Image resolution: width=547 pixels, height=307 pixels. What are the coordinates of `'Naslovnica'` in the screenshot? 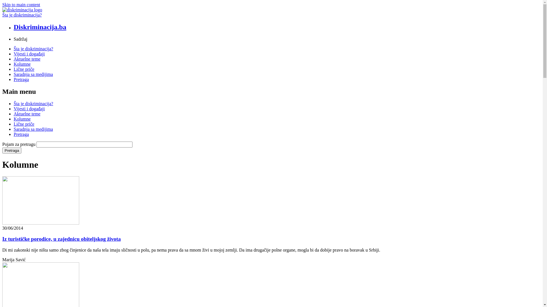 It's located at (22, 10).